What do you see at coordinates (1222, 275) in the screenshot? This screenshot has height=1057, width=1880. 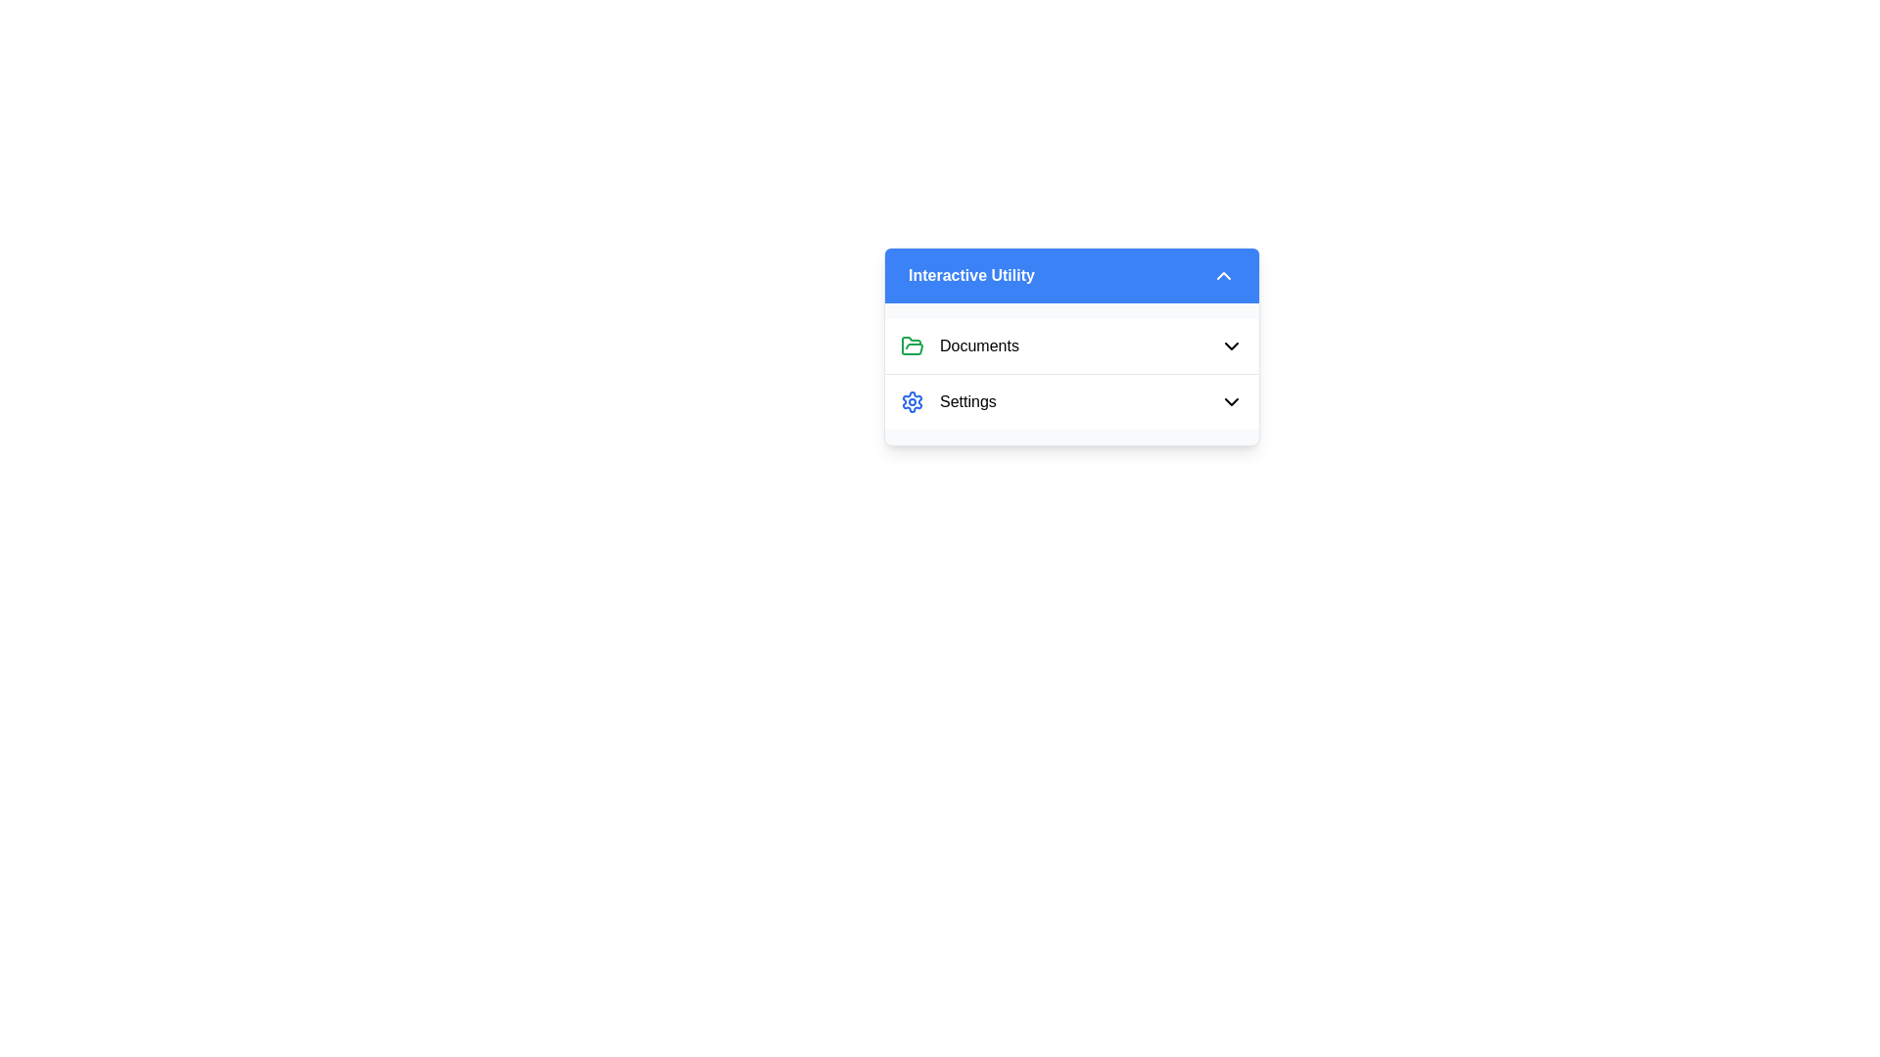 I see `the toggle icon button located at the top-right corner of the 'Interactive Utility' section` at bounding box center [1222, 275].